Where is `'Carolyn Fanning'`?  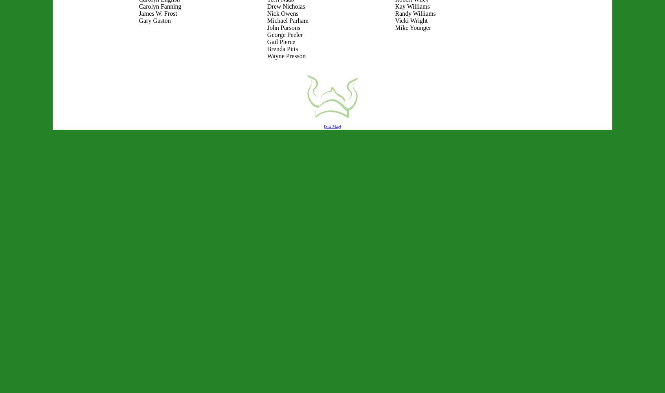
'Carolyn Fanning' is located at coordinates (160, 6).